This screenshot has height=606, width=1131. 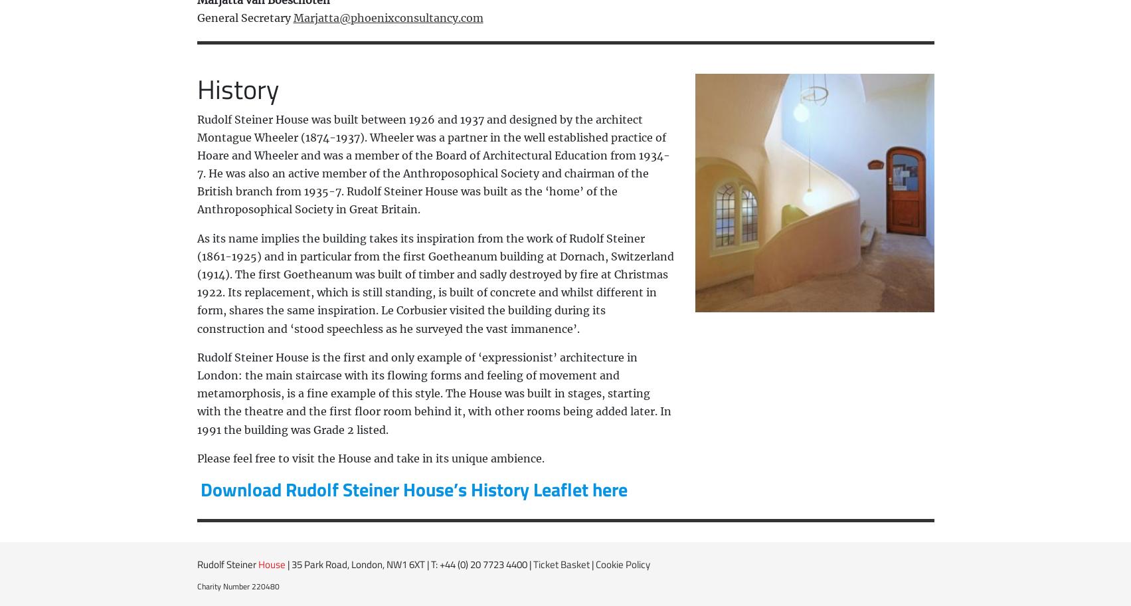 I want to click on 'Marjatta@phoenixconsultancy.com', so click(x=387, y=17).